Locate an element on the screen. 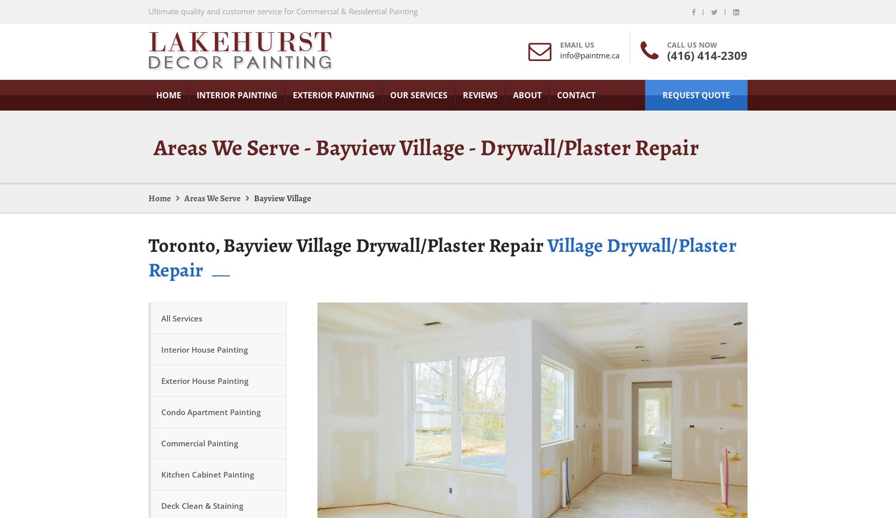  'Reviews' is located at coordinates (480, 95).